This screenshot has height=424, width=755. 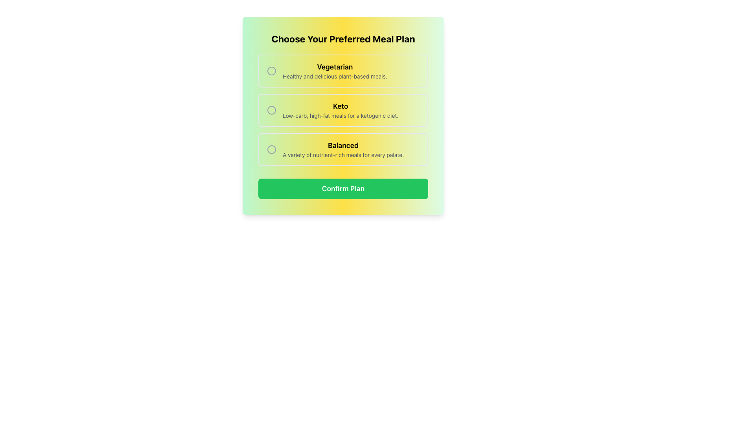 What do you see at coordinates (272, 110) in the screenshot?
I see `the interactive SVG circle element indicating the selection of the 'Keto' meal plan, which is the second option in the vertical list of meal options` at bounding box center [272, 110].